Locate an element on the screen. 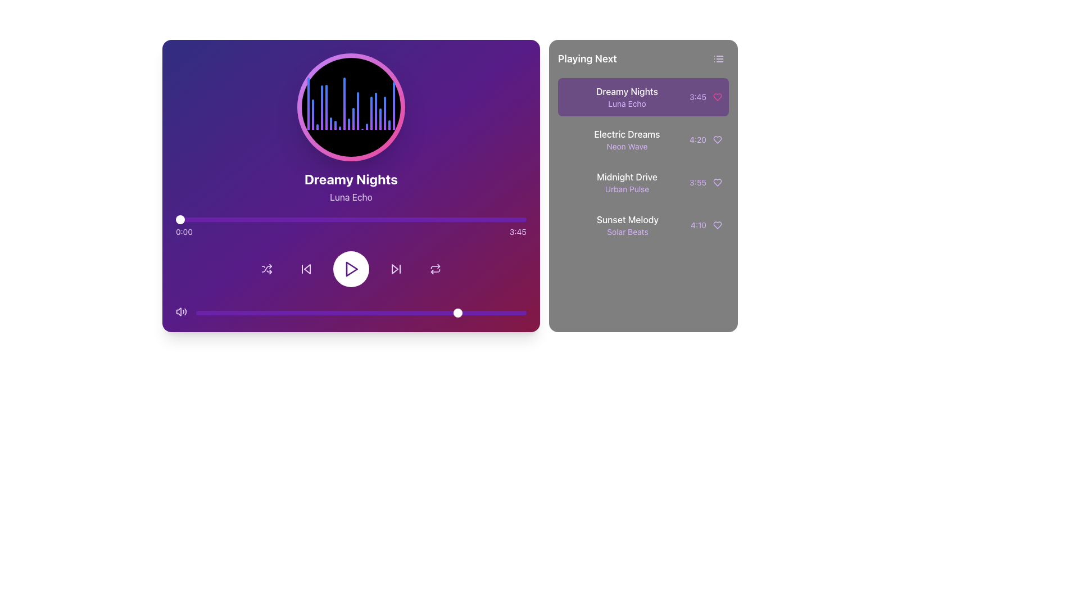 The image size is (1079, 607). the eleventh vertical bar in the audio visualizer, which represents audio amplitude or frequency is located at coordinates (352, 119).